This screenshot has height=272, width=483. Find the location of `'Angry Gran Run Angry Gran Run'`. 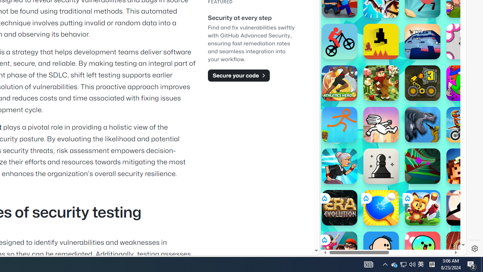

'Angry Gran Run Angry Gran Run' is located at coordinates (339, 165).